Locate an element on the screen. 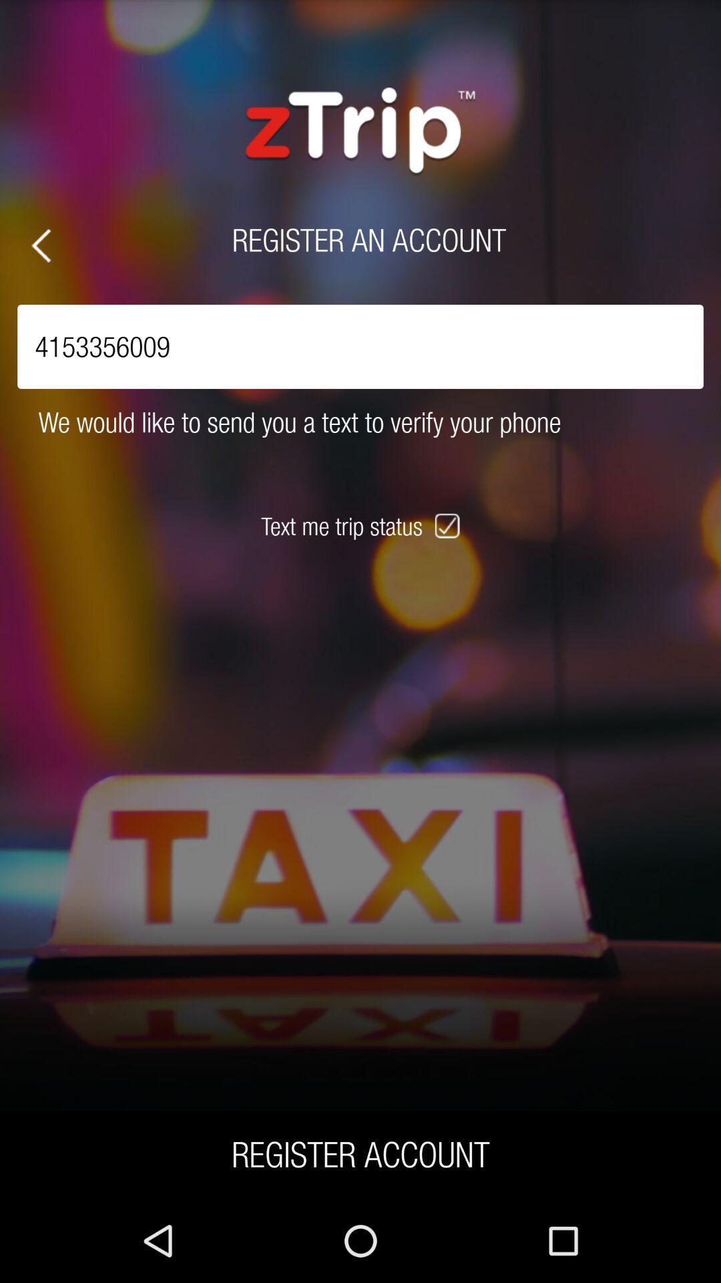  the arrow_backward icon is located at coordinates (40, 263).